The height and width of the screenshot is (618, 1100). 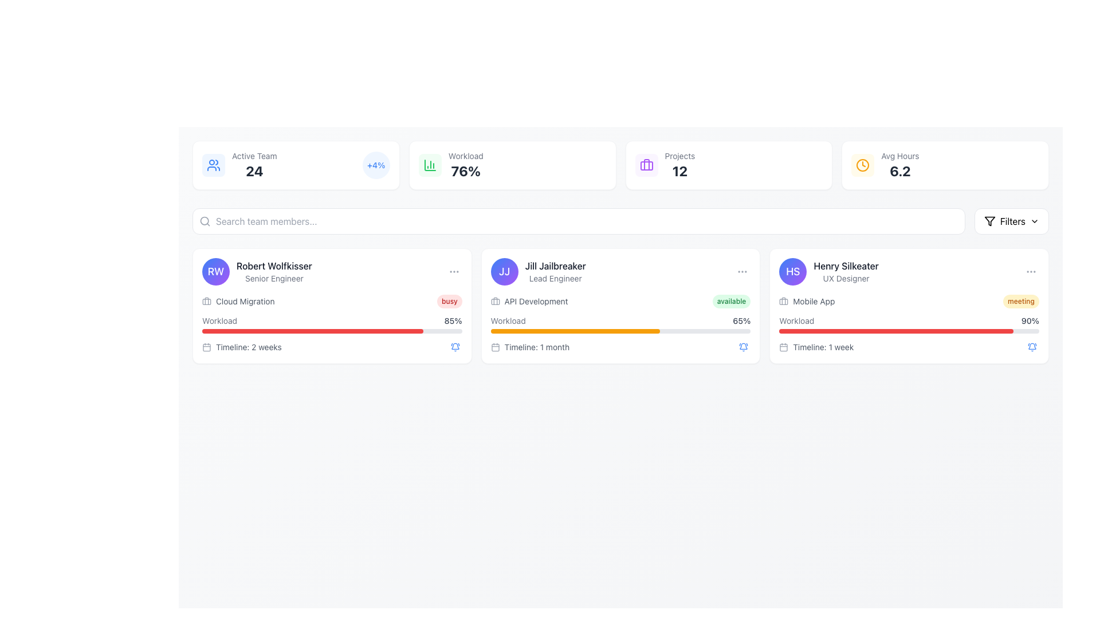 I want to click on the Informational card displaying the workload metric of '76%', which is the second card in a row of four cards, located between the 'Active Team' card and the 'Projects' card, so click(x=512, y=165).